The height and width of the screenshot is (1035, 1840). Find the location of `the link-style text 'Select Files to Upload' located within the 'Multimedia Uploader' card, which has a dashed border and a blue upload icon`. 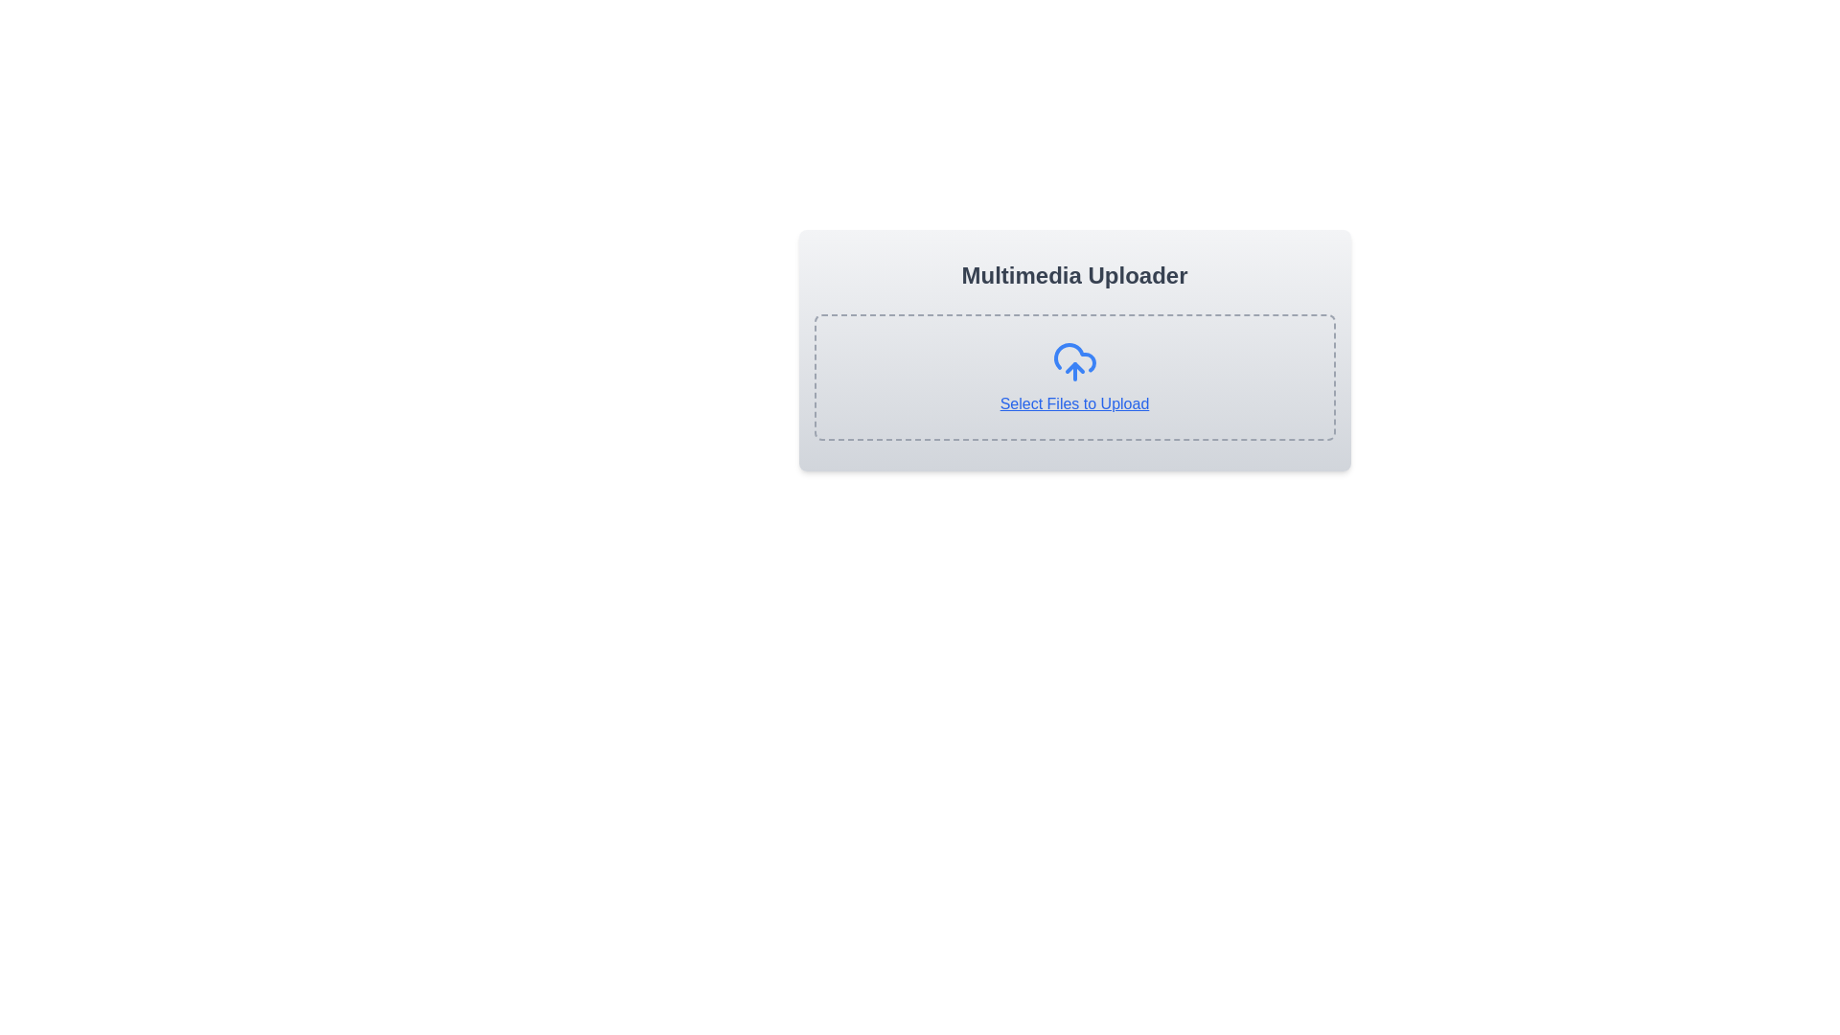

the link-style text 'Select Files to Upload' located within the 'Multimedia Uploader' card, which has a dashed border and a blue upload icon is located at coordinates (1074, 351).